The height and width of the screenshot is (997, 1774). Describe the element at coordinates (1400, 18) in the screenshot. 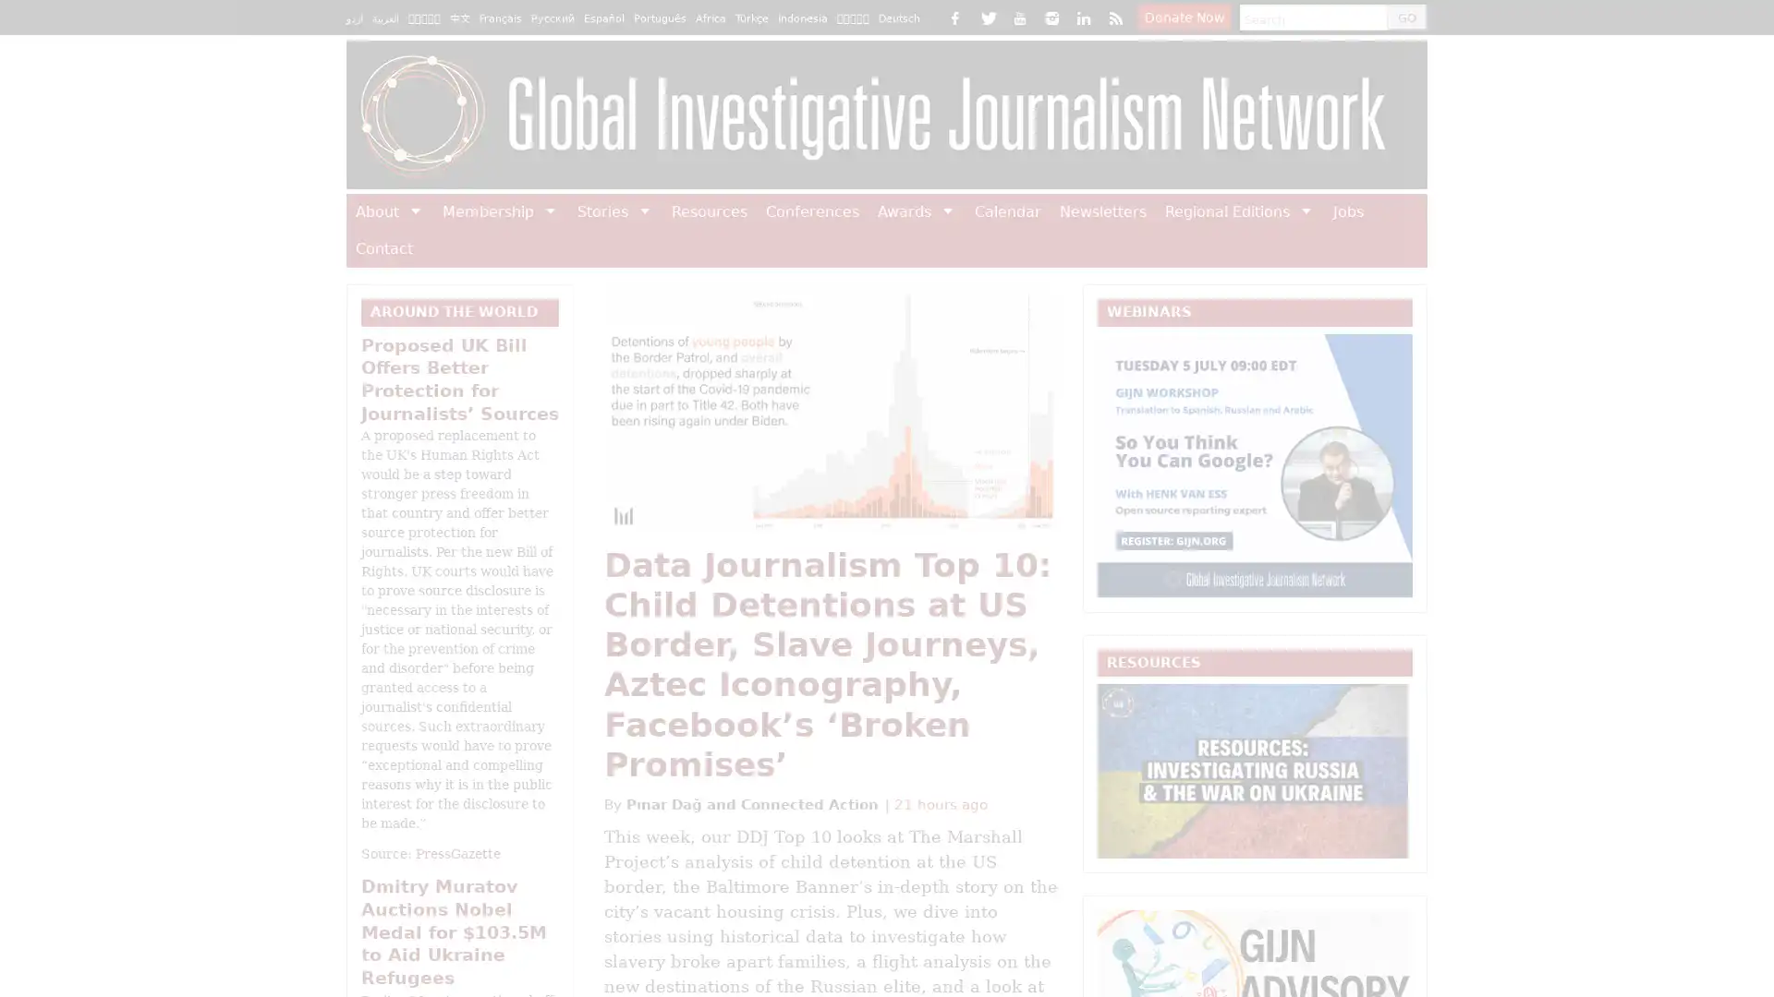

I see `GO` at that location.